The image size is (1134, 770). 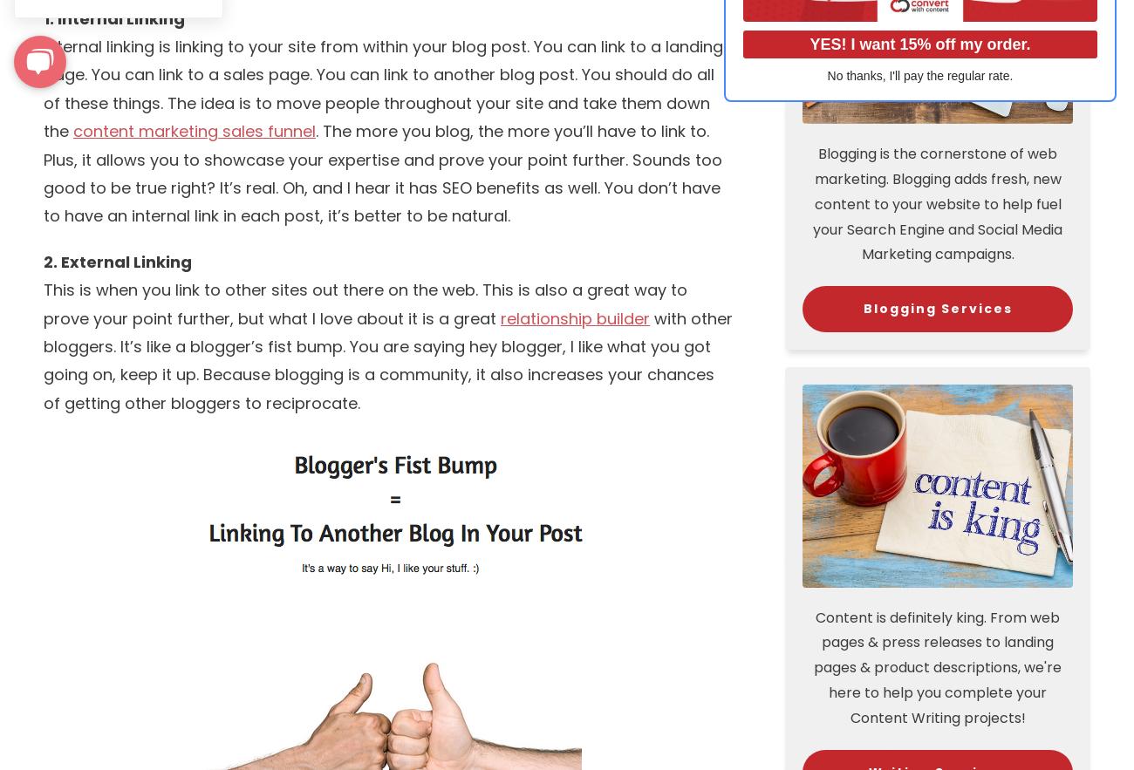 What do you see at coordinates (382, 88) in the screenshot?
I see `'Internal linking is linking to your site from within your blog post. You can link to a landing page. You can link to a sales page. You can link to another blog post. You should do all of these things. The idea is to move people throughout your site and take them down the'` at bounding box center [382, 88].